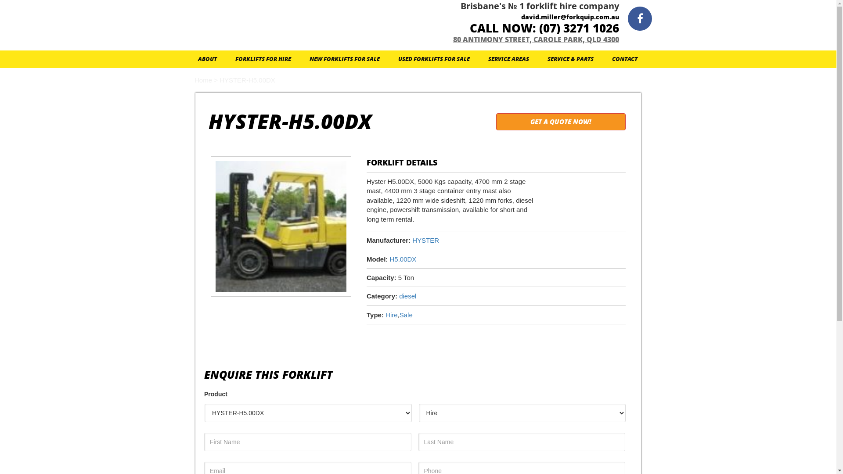  Describe the element at coordinates (412, 240) in the screenshot. I see `'HYSTER'` at that location.